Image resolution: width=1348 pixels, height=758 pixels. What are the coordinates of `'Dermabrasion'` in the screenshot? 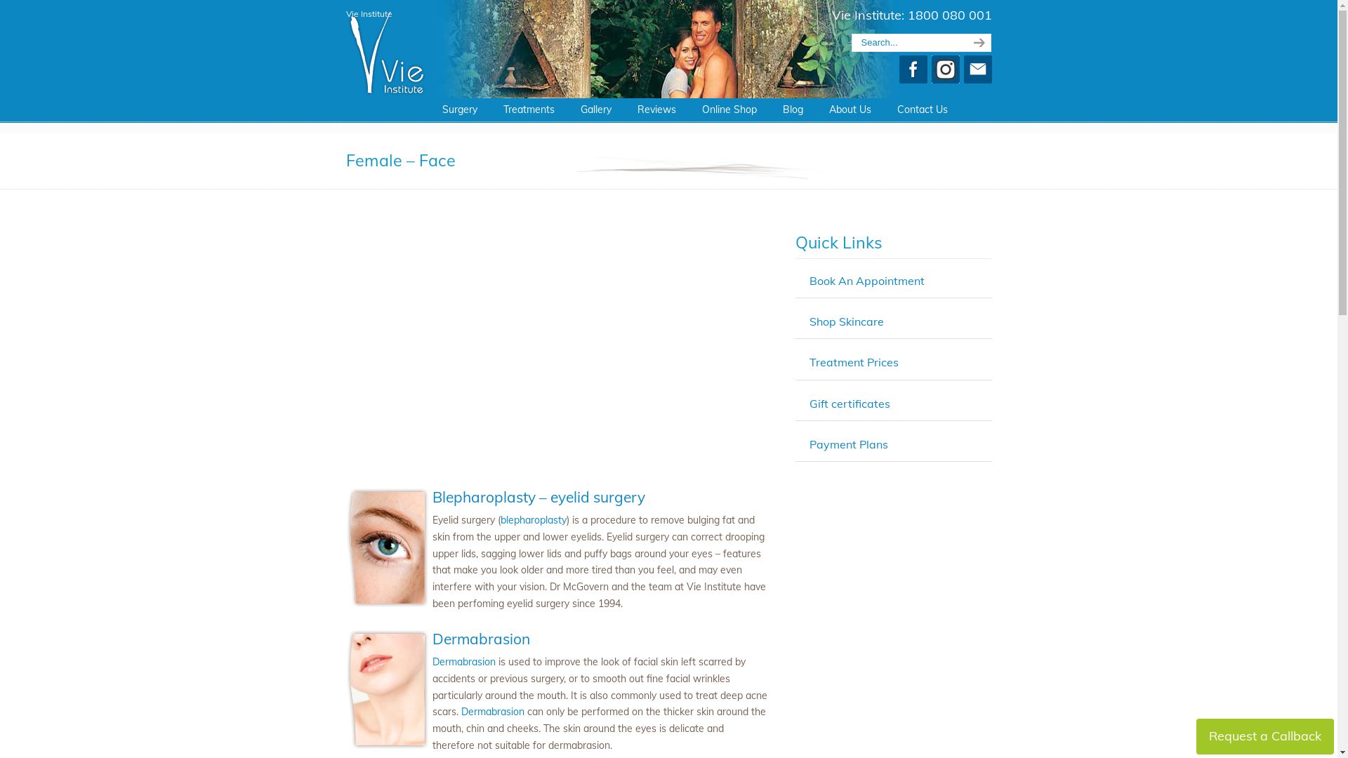 It's located at (481, 639).